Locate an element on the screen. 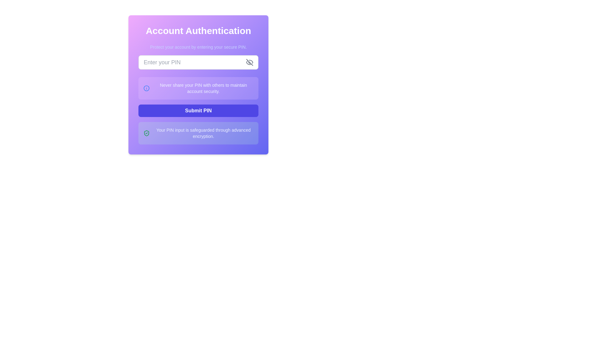 Image resolution: width=600 pixels, height=337 pixels. the green shield icon with a checkmark, which is positioned to the left of the PIN security message in the green-themed notification box at the bottom of the authentication form is located at coordinates (146, 133).